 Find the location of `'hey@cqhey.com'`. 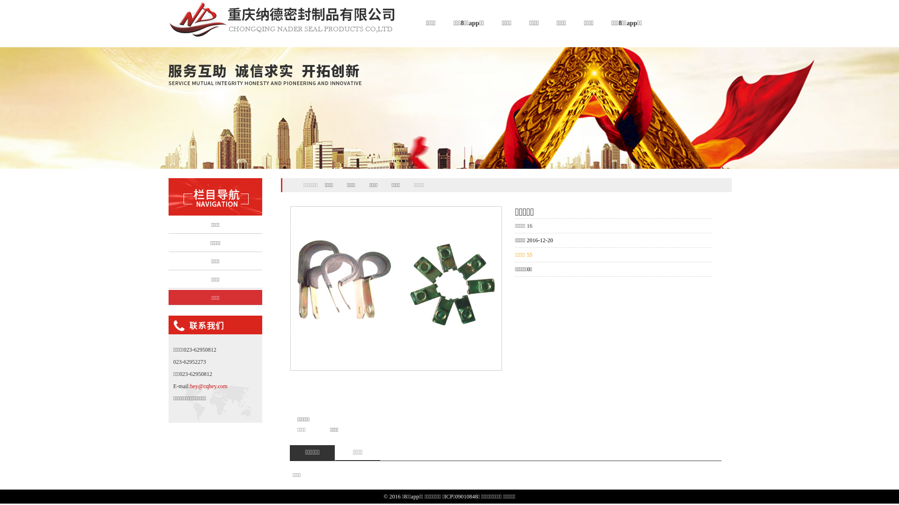

'hey@cqhey.com' is located at coordinates (208, 386).